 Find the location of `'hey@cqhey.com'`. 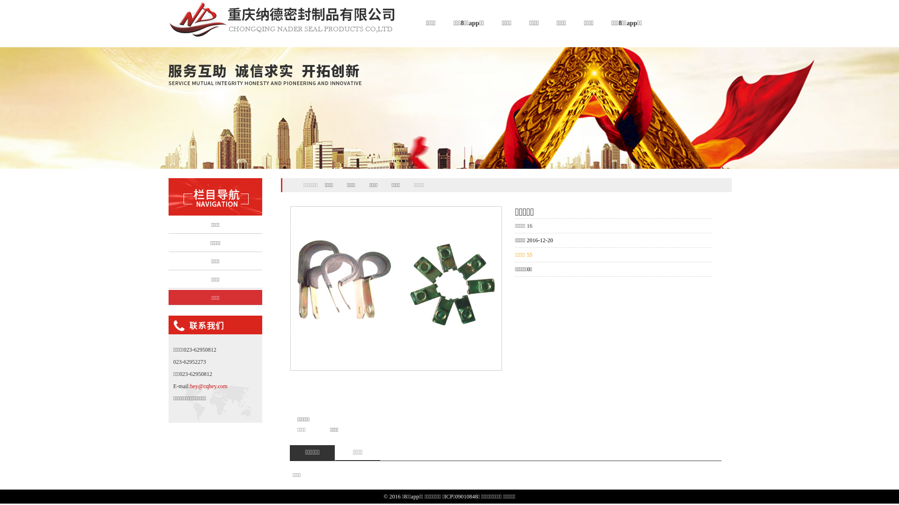

'hey@cqhey.com' is located at coordinates (208, 386).